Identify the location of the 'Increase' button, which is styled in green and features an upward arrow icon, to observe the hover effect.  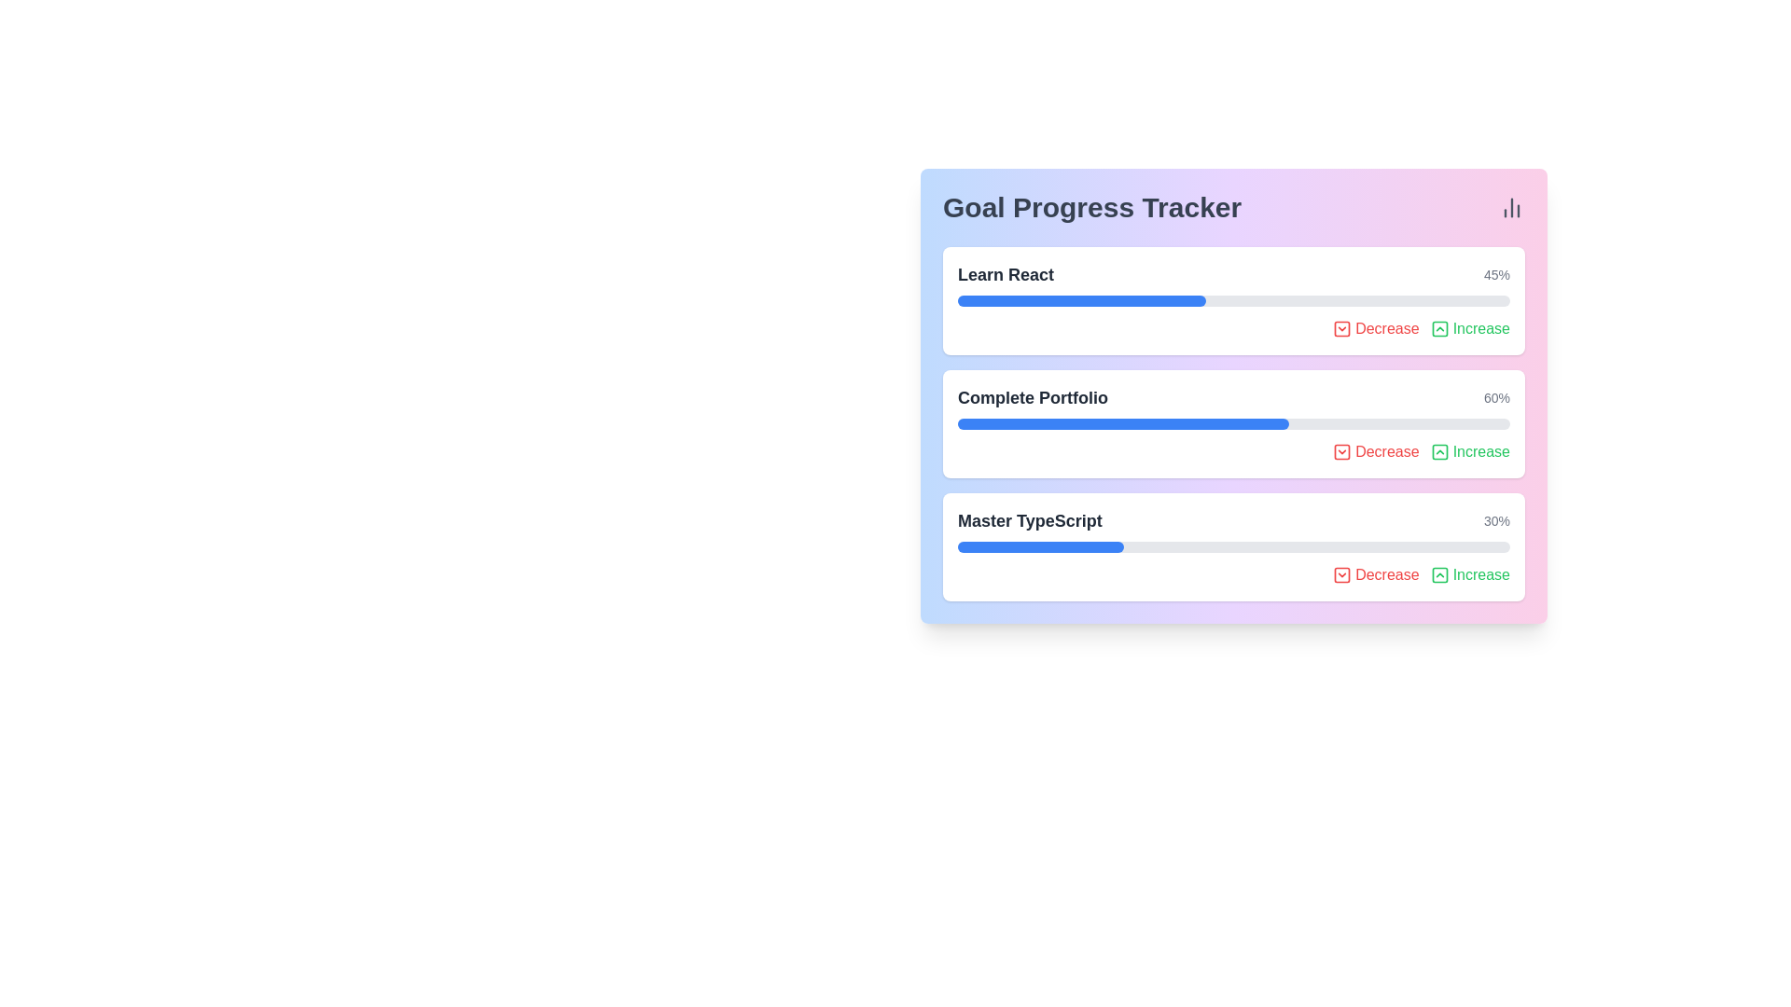
(1469, 574).